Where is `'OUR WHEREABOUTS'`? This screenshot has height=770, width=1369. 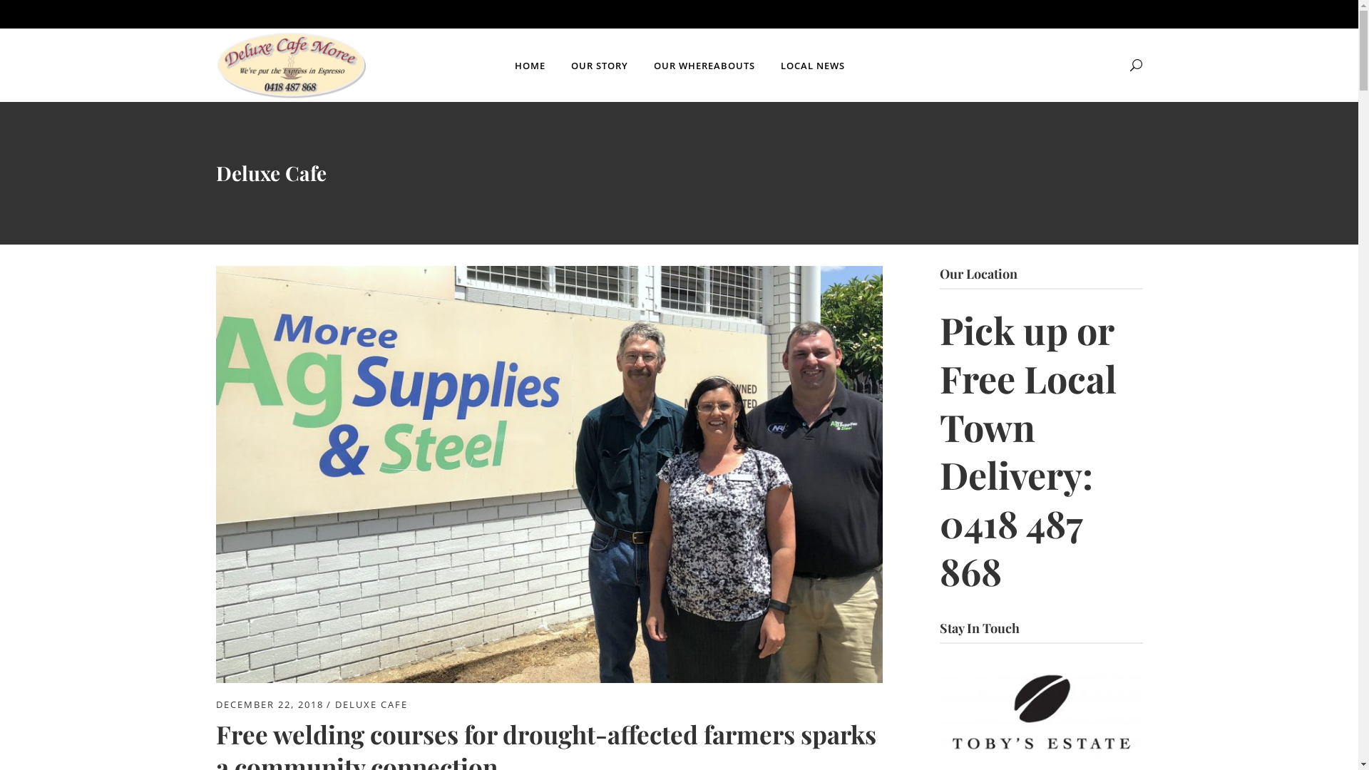 'OUR WHEREABOUTS' is located at coordinates (704, 65).